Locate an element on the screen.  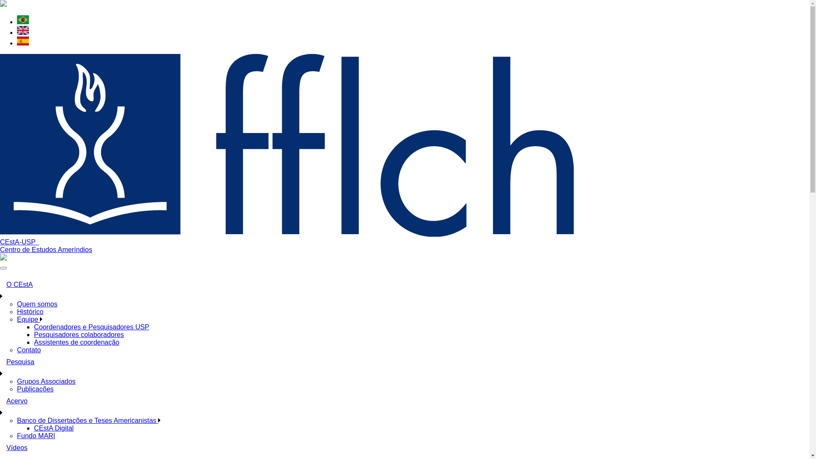
'English' is located at coordinates (17, 30).